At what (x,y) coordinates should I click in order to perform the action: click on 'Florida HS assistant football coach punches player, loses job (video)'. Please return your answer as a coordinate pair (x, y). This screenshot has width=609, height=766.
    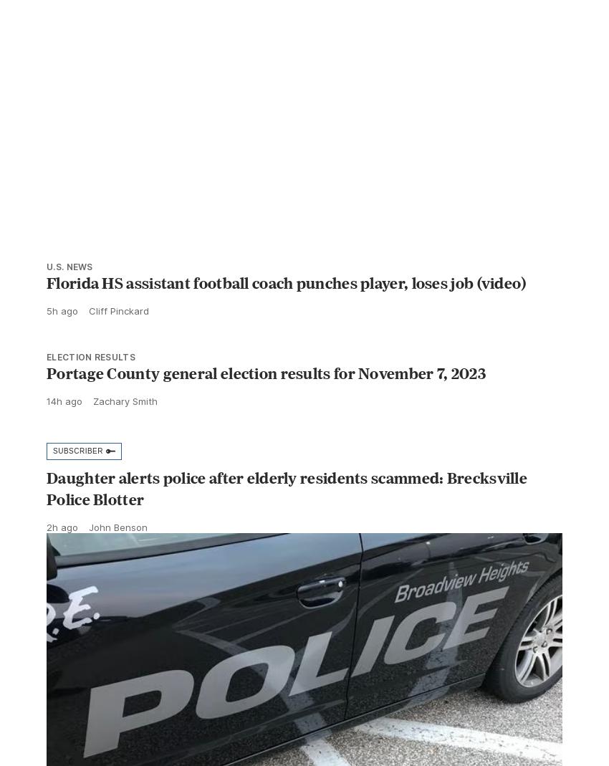
    Looking at the image, I should click on (286, 314).